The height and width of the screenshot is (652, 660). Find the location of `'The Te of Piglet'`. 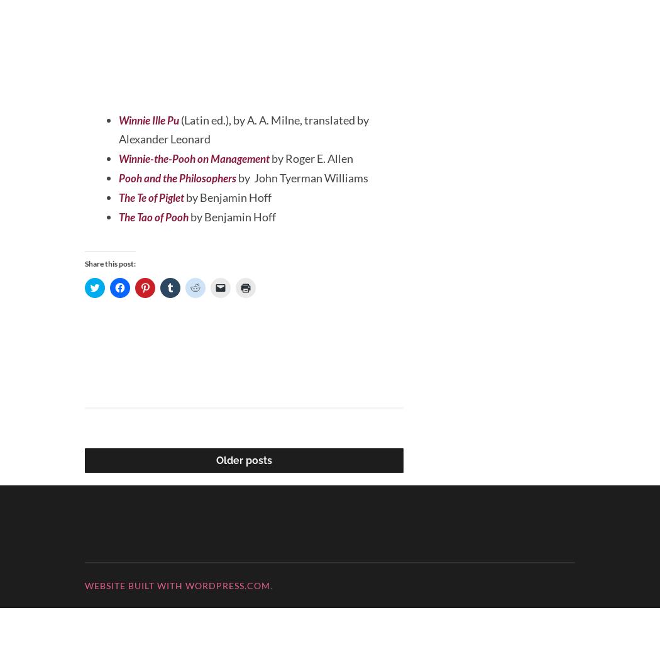

'The Te of Piglet' is located at coordinates (155, 241).